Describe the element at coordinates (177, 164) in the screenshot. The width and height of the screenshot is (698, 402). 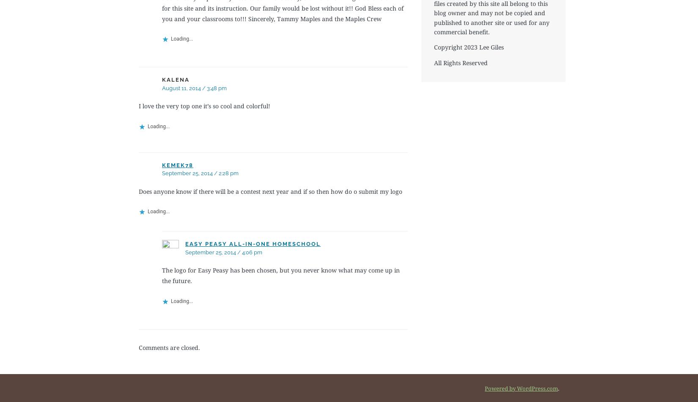
I see `'kemek78'` at that location.